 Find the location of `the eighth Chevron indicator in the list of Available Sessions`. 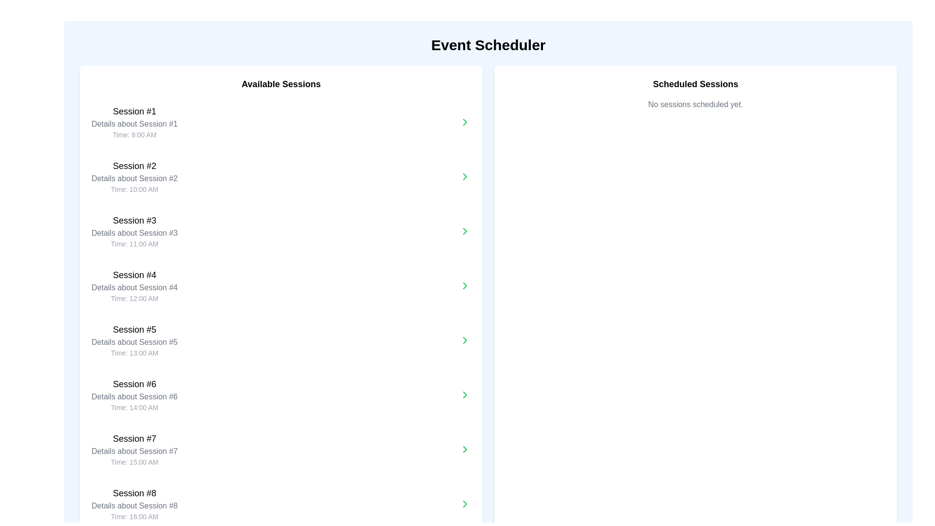

the eighth Chevron indicator in the list of Available Sessions is located at coordinates (465, 504).